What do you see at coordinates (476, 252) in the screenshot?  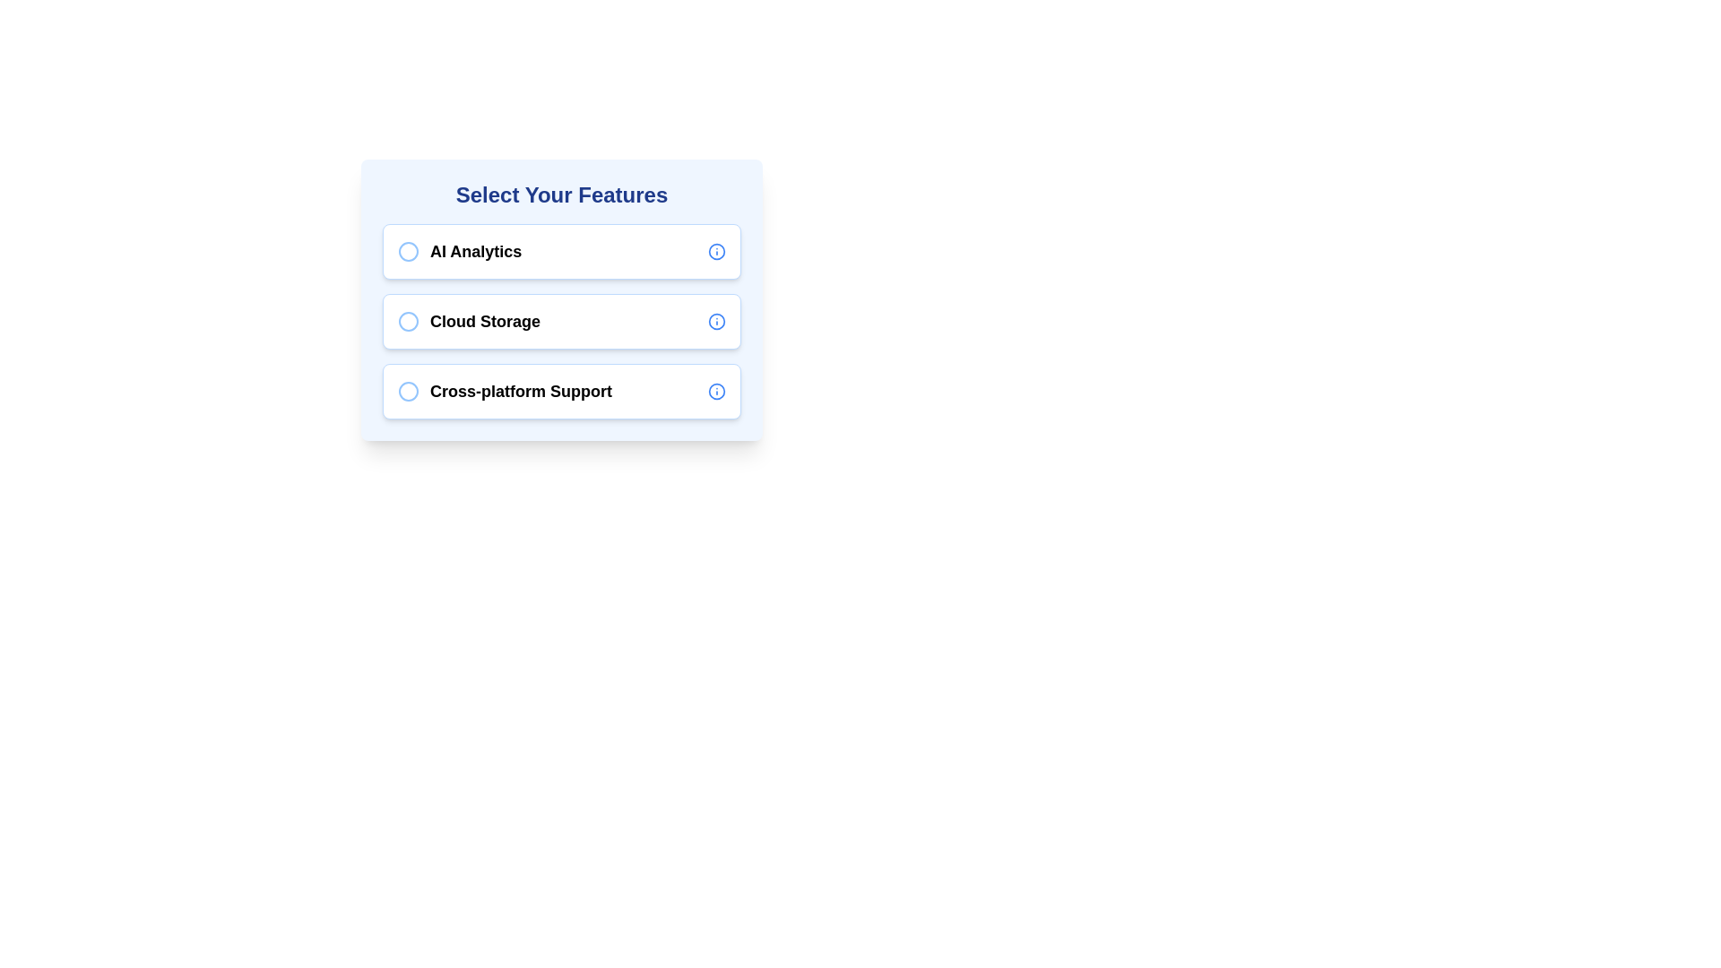 I see `the text label displaying 'AI Analytics', which is part of the selectable feature list and aligned horizontally with a circular radio button` at bounding box center [476, 252].